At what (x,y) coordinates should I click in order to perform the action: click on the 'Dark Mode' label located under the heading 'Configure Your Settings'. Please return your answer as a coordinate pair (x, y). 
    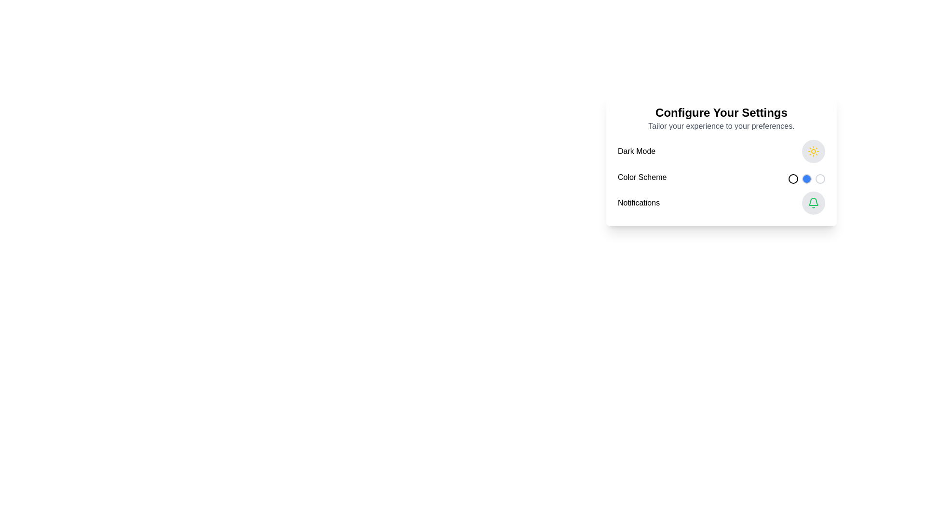
    Looking at the image, I should click on (637, 151).